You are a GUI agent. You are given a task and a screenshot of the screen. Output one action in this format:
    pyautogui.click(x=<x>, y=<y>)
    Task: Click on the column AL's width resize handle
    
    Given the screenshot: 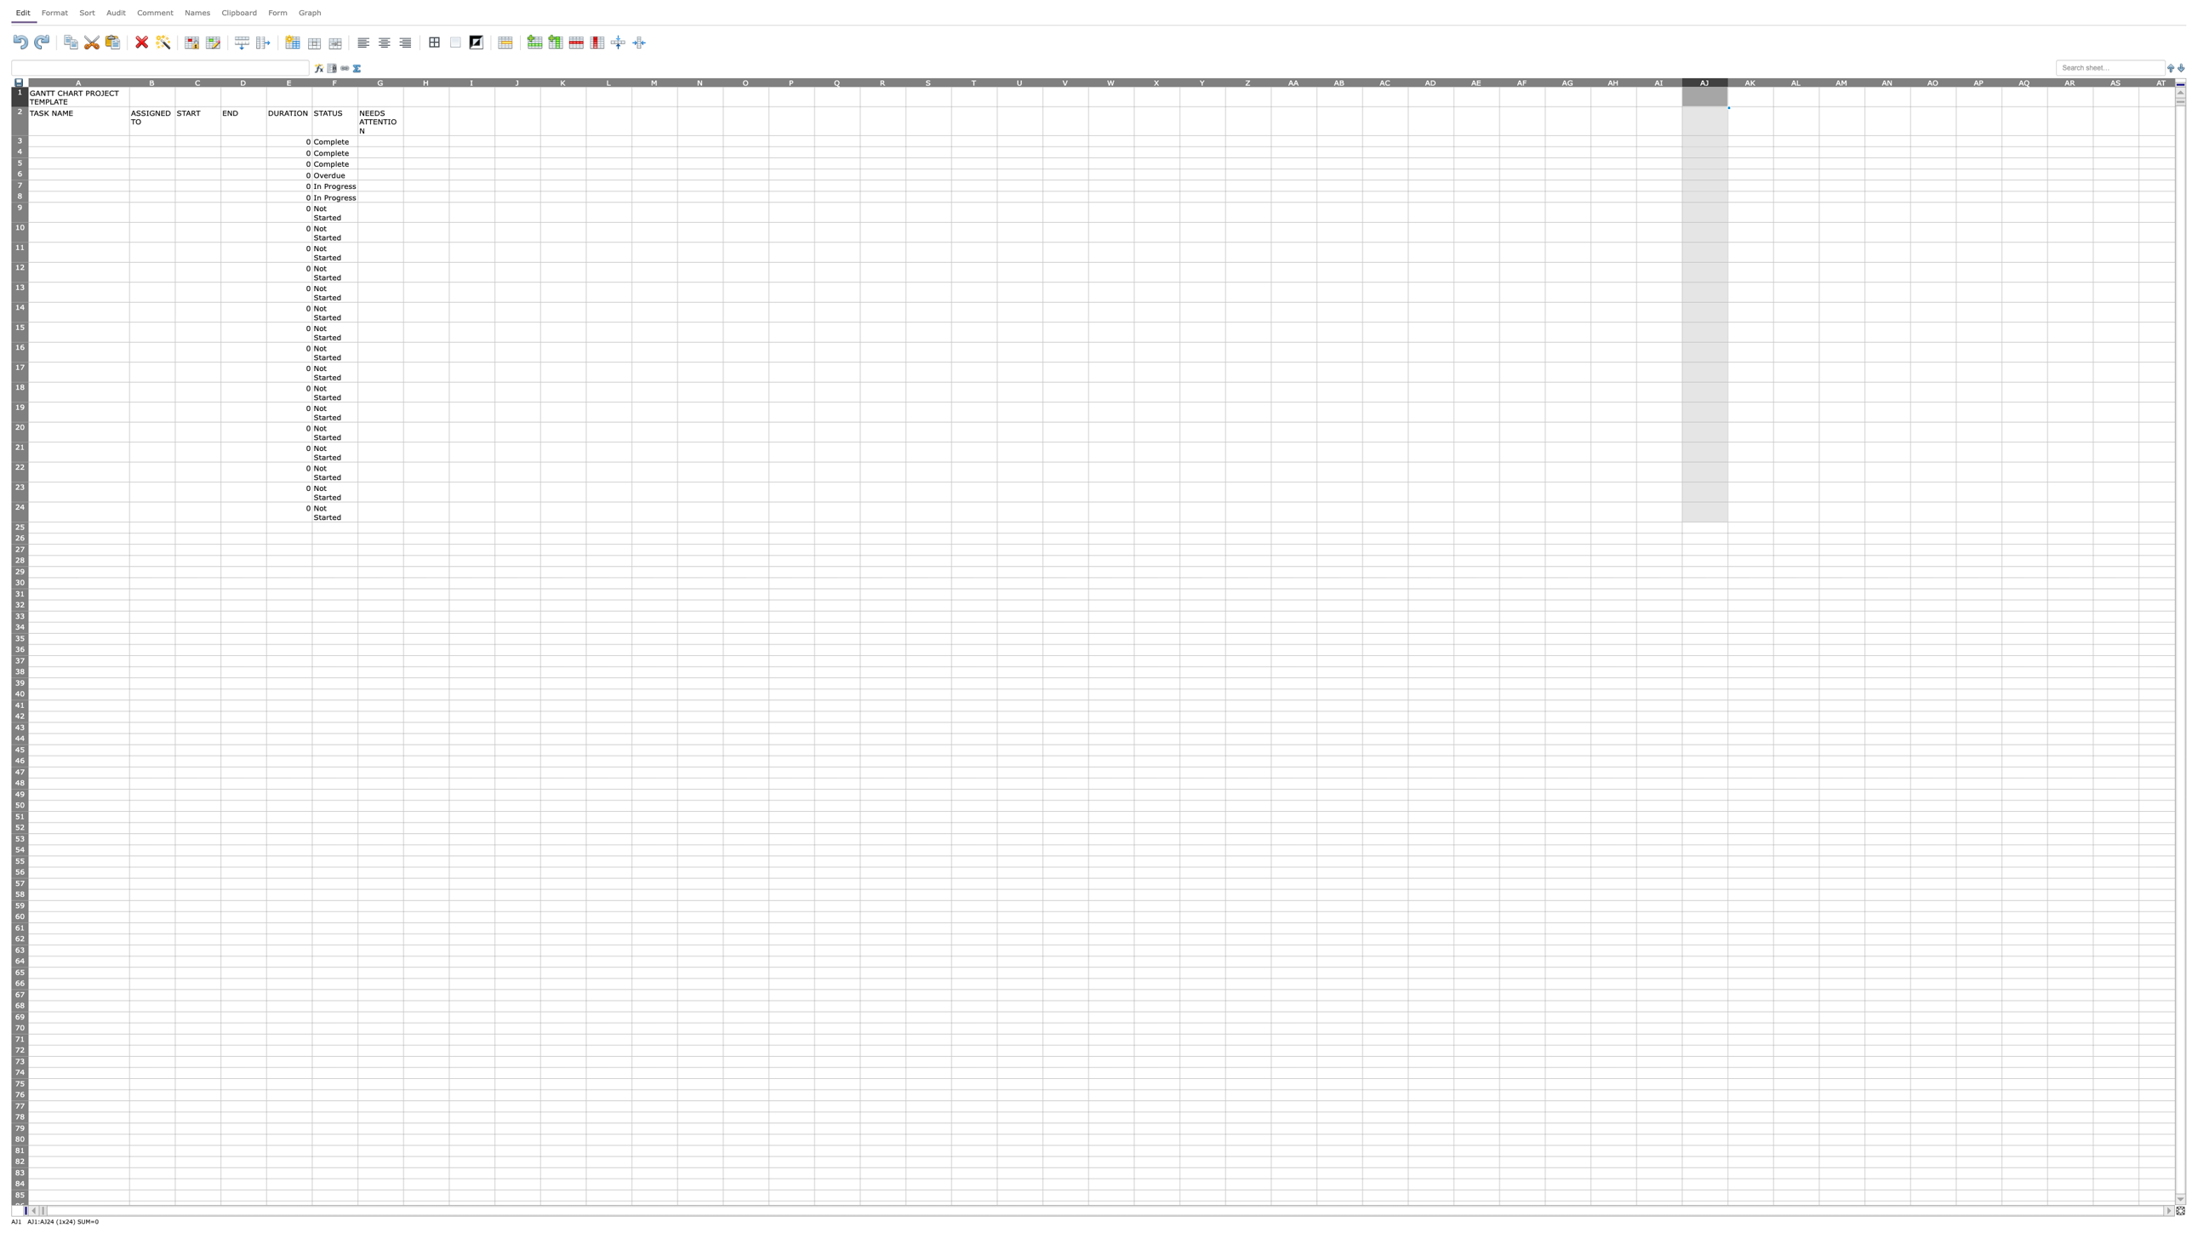 What is the action you would take?
    pyautogui.click(x=1818, y=81)
    